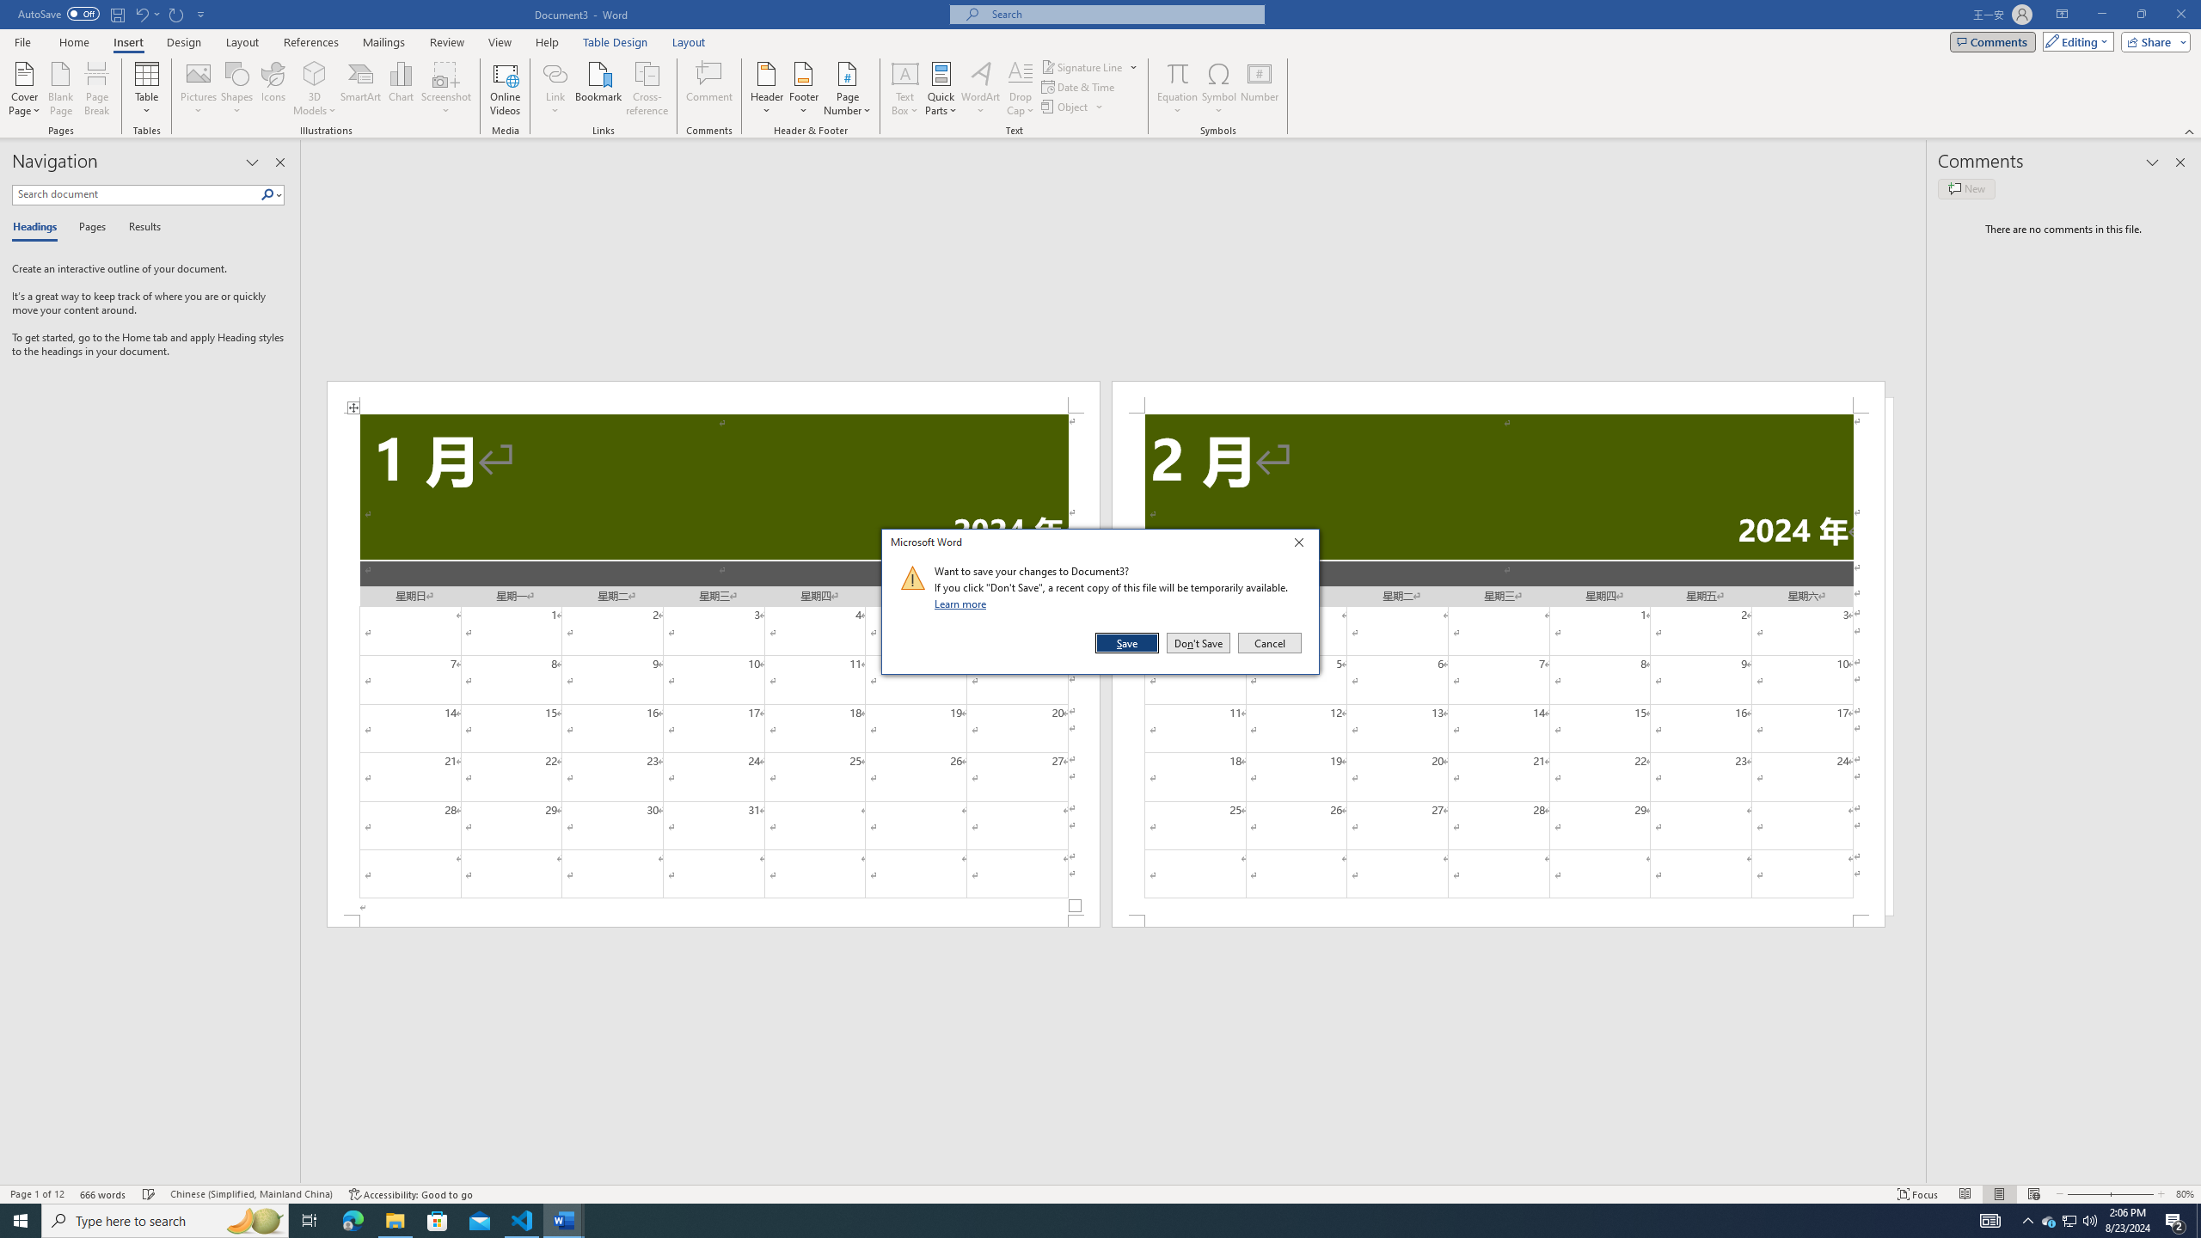 This screenshot has width=2201, height=1238. Describe the element at coordinates (315, 72) in the screenshot. I see `'3D Models'` at that location.